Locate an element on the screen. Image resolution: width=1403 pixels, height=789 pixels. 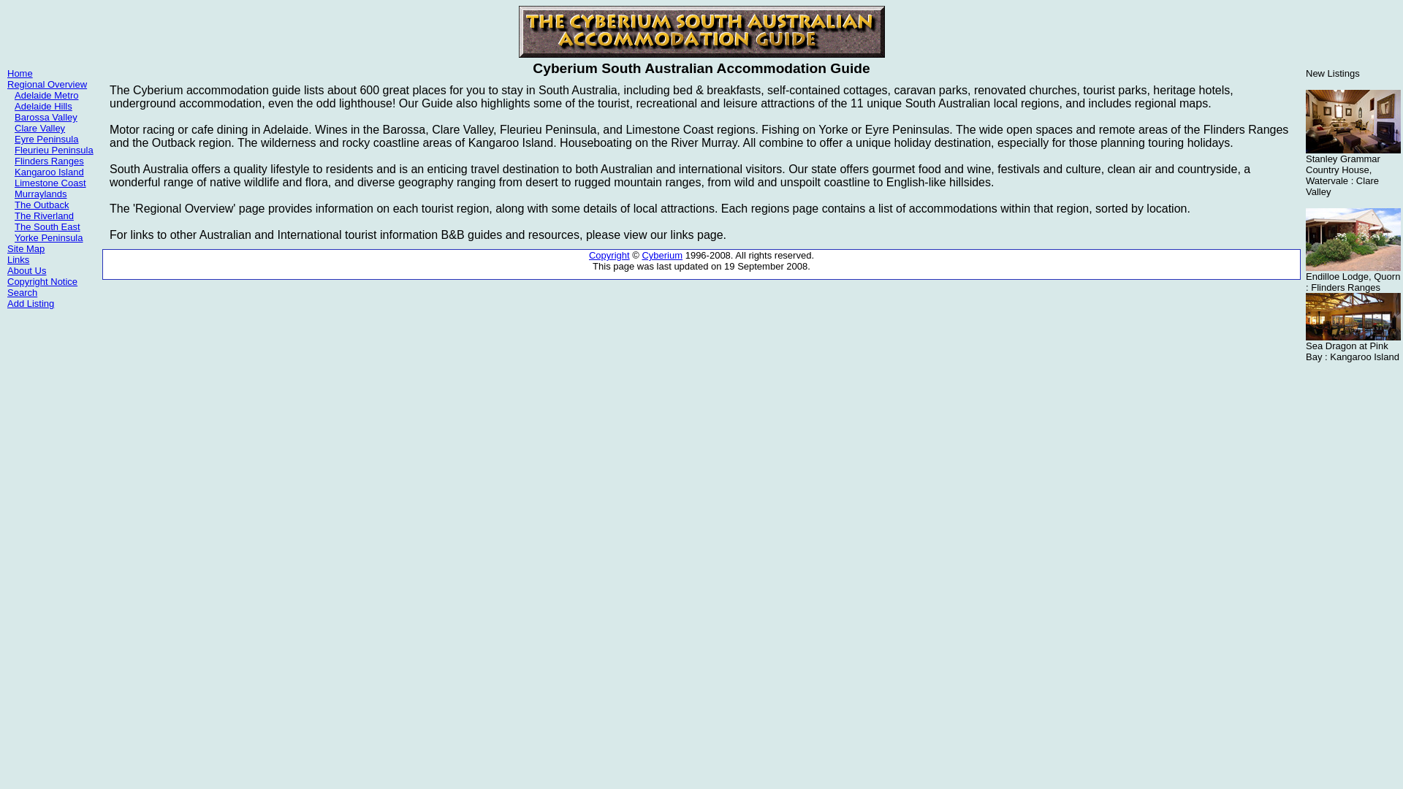
'Regional Overview' is located at coordinates (47, 84).